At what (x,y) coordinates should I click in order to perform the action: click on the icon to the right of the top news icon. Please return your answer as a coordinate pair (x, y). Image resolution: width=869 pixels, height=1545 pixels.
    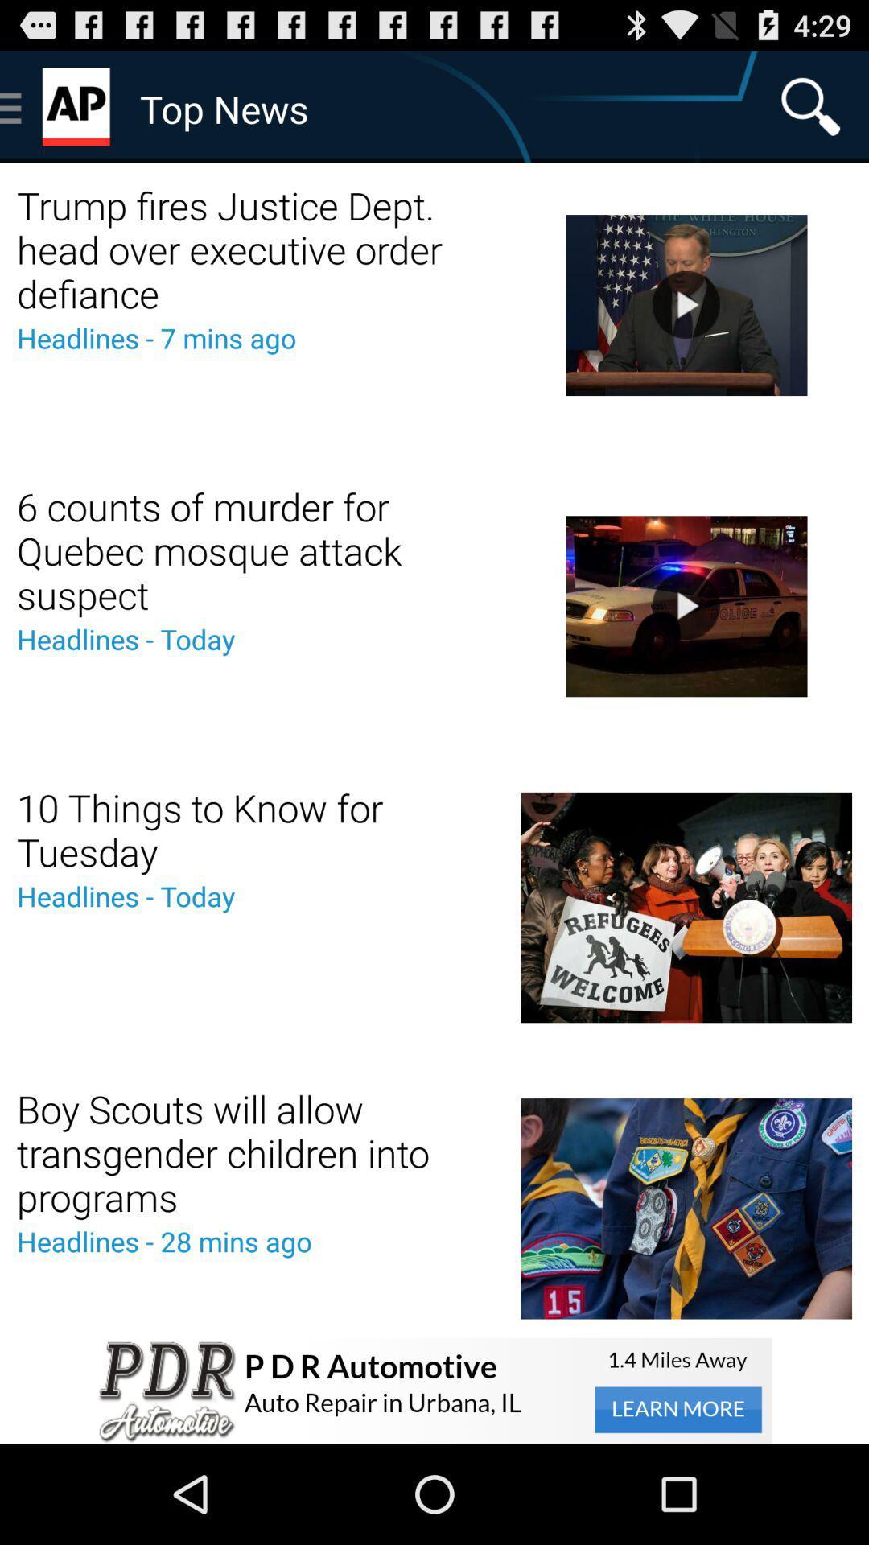
    Looking at the image, I should click on (810, 105).